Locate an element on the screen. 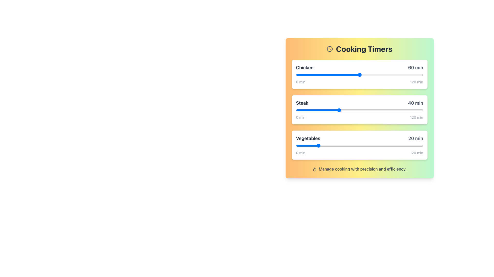 Image resolution: width=494 pixels, height=277 pixels. the timer value for the slider is located at coordinates (310, 110).